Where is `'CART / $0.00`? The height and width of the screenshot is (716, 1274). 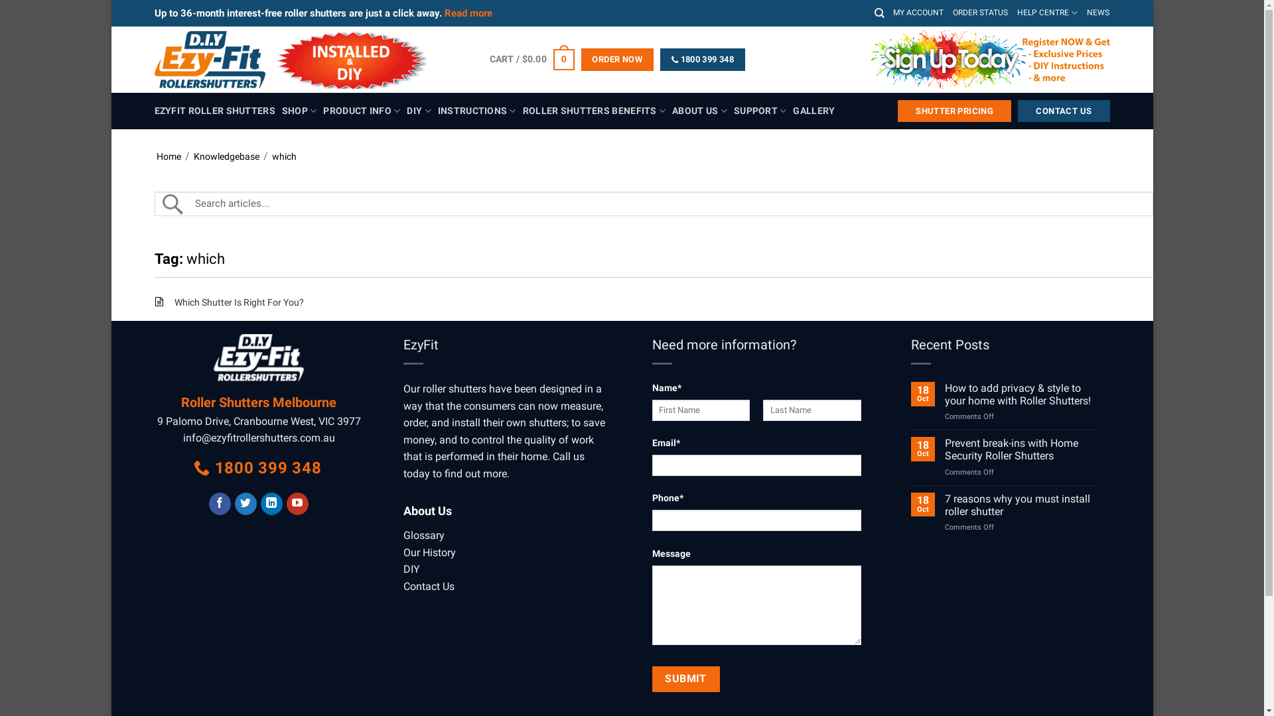 'CART / $0.00 is located at coordinates (531, 58).